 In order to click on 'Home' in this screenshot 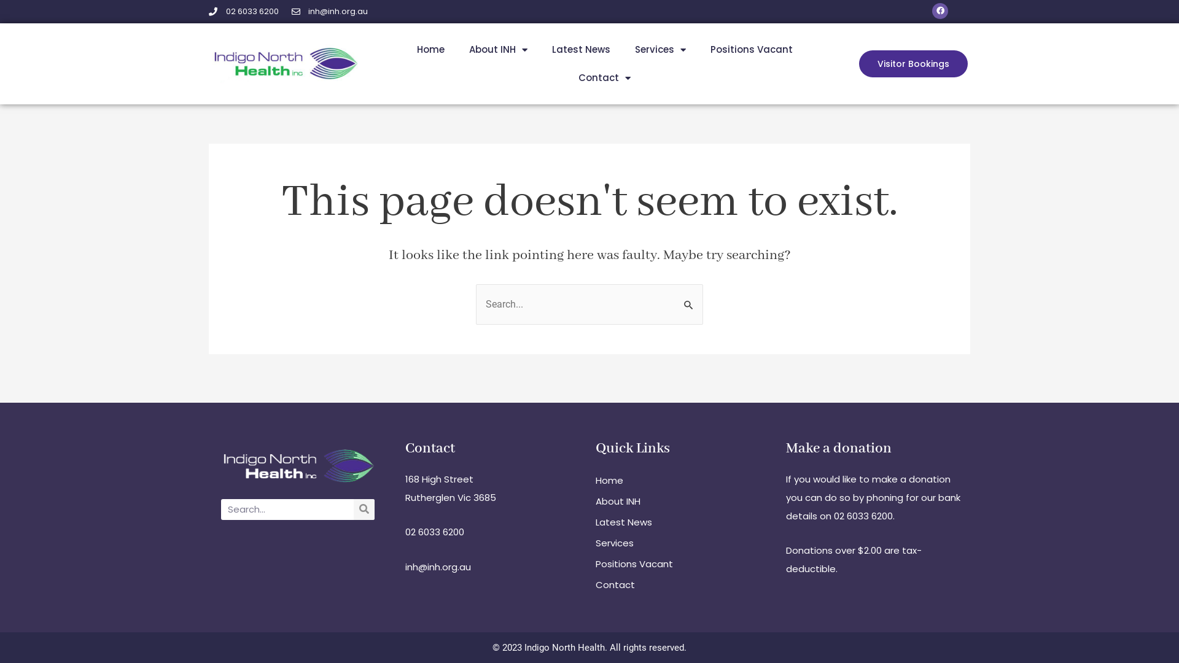, I will do `click(683, 480)`.